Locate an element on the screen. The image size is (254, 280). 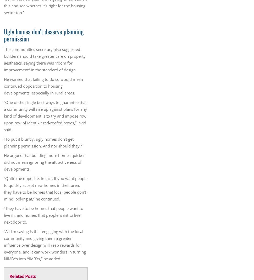
'“To put it bluntly, ugly homes don’t get planning permission. And nor should they.”' is located at coordinates (43, 142).